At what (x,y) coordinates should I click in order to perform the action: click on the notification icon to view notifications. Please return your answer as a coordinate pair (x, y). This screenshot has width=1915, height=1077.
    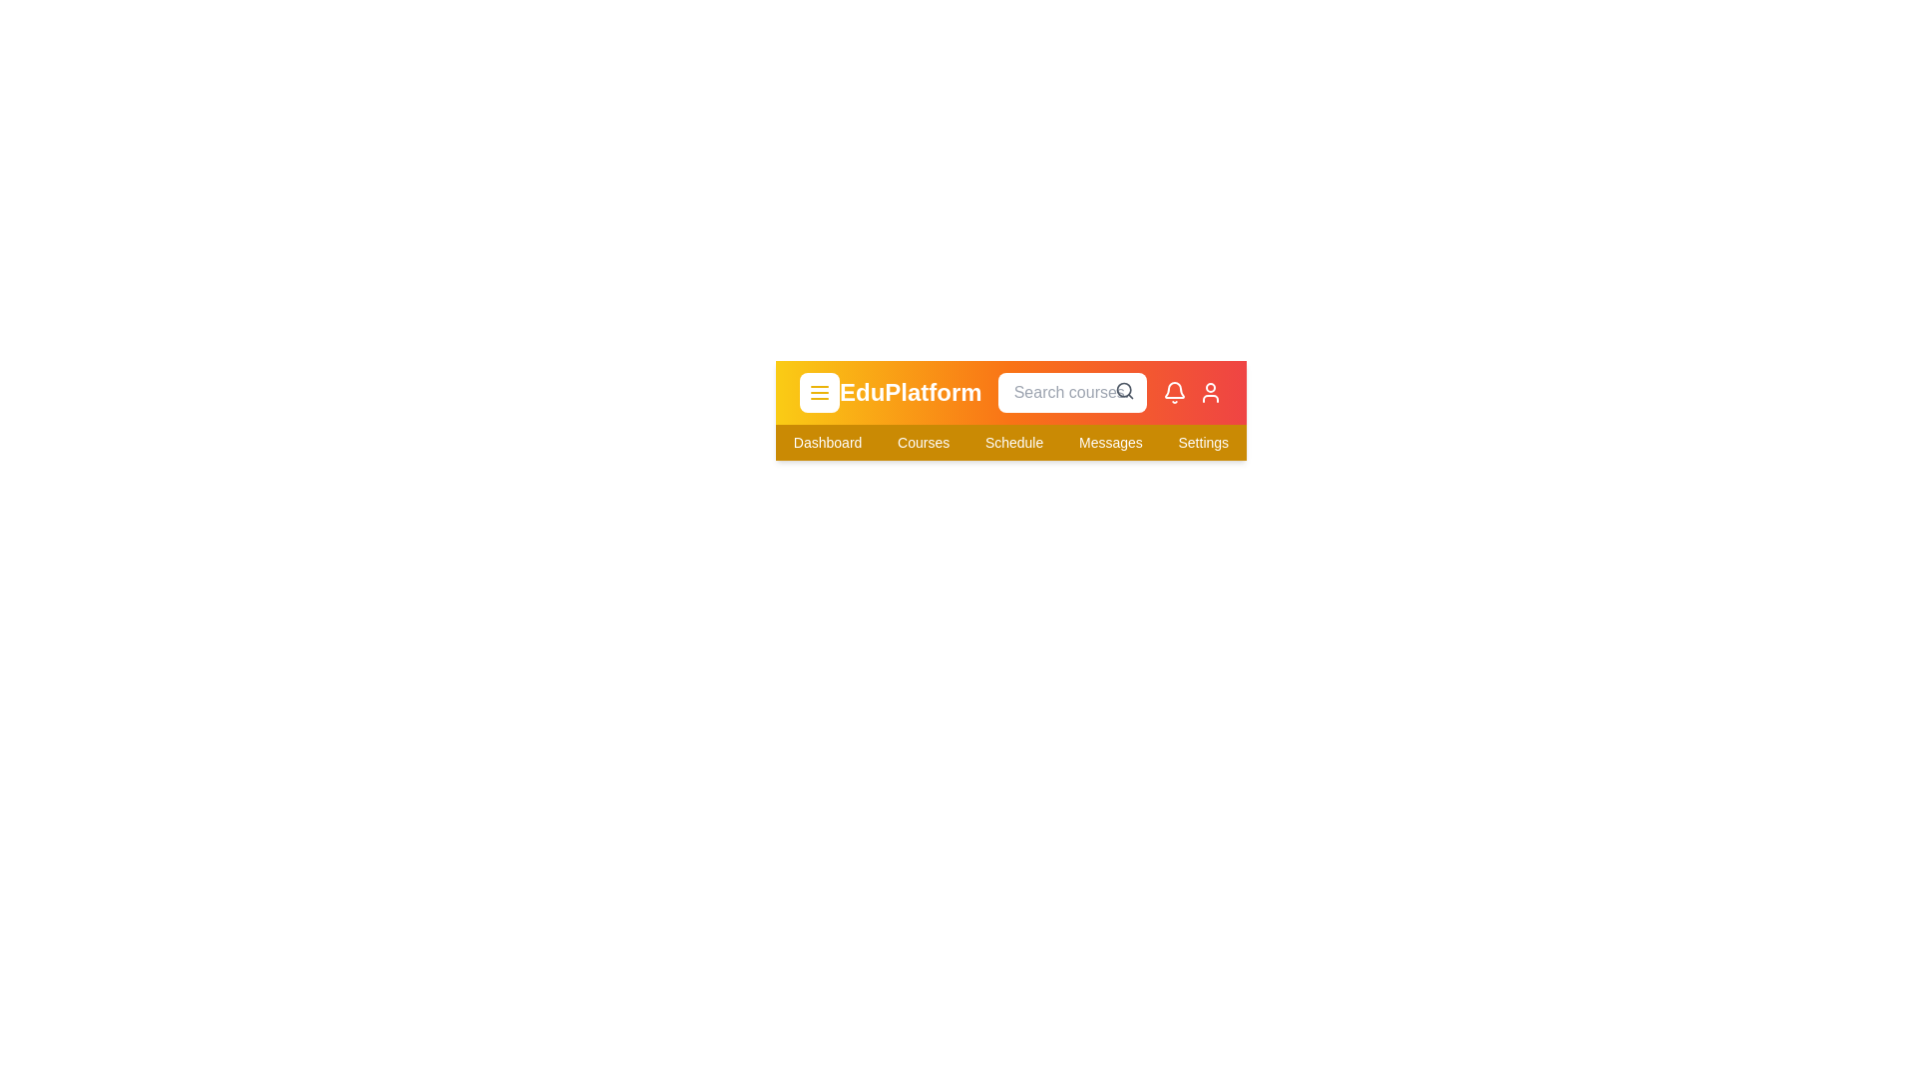
    Looking at the image, I should click on (1174, 392).